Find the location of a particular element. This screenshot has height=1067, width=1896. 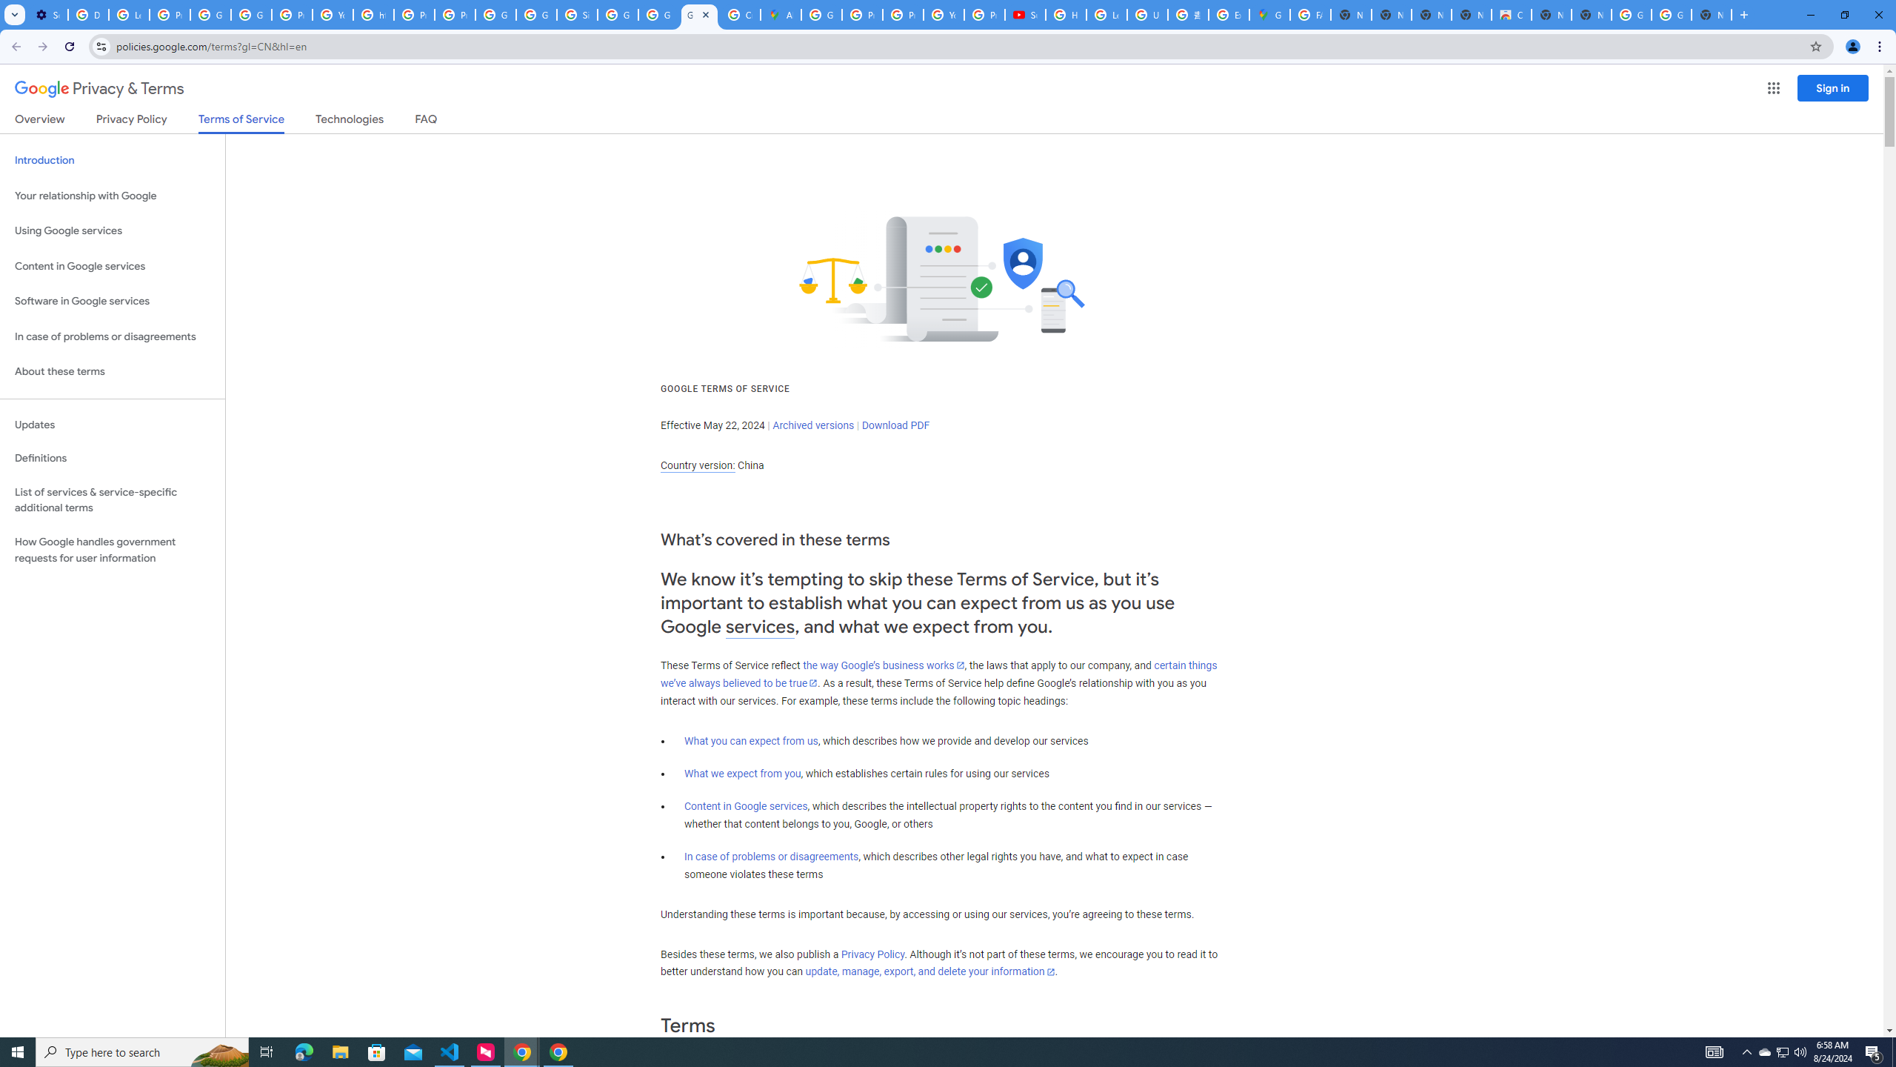

'Using Google services' is located at coordinates (112, 230).